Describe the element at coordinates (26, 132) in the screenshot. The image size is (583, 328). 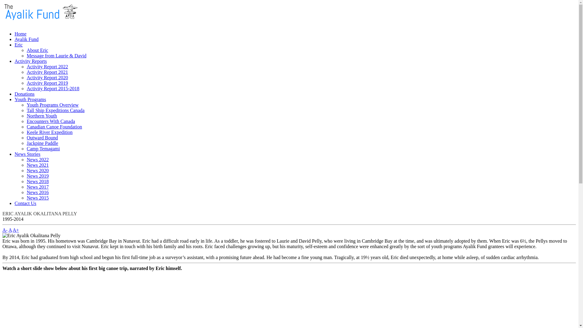
I see `'Keele River Expedition'` at that location.